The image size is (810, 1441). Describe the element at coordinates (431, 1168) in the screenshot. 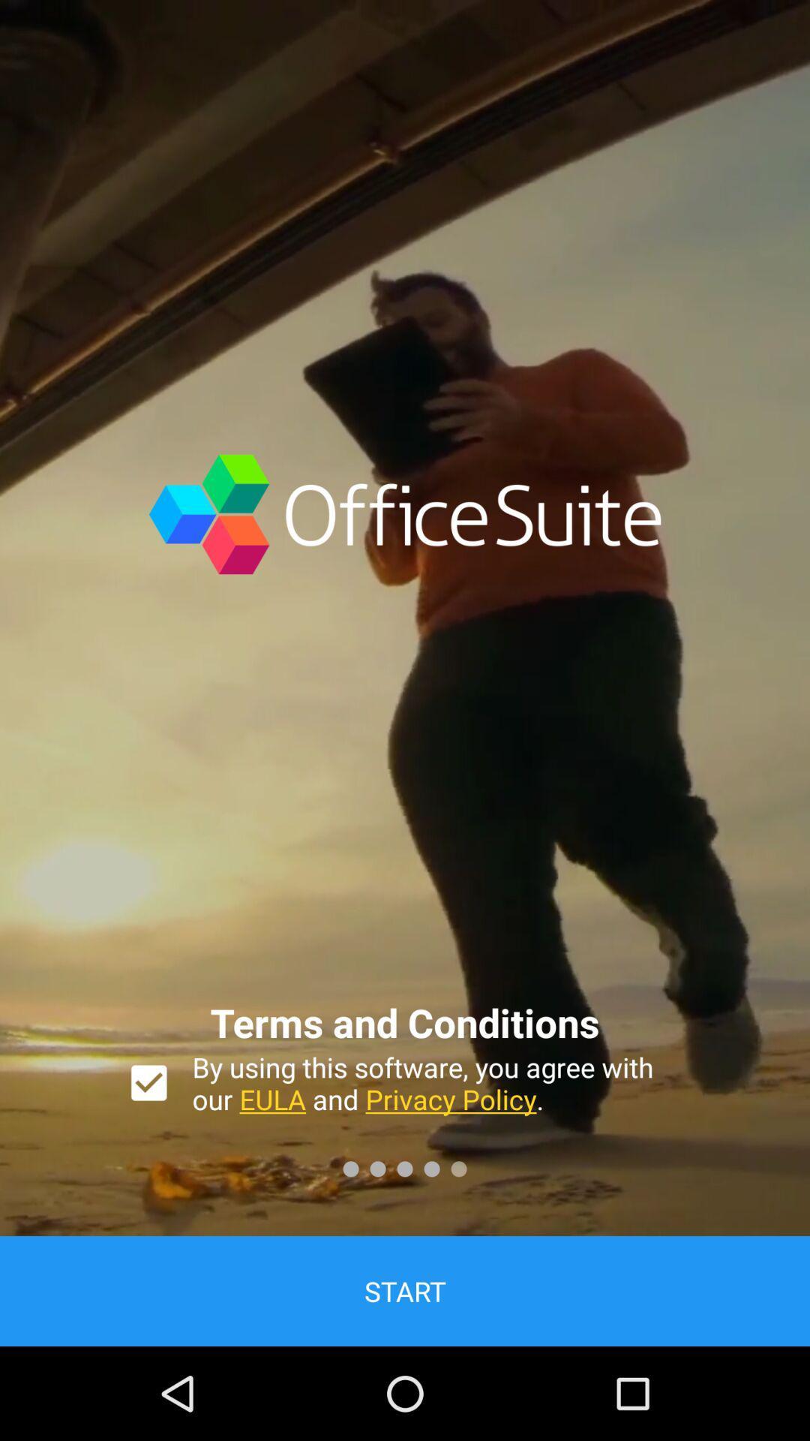

I see `the fourth button at the bottom of the page` at that location.